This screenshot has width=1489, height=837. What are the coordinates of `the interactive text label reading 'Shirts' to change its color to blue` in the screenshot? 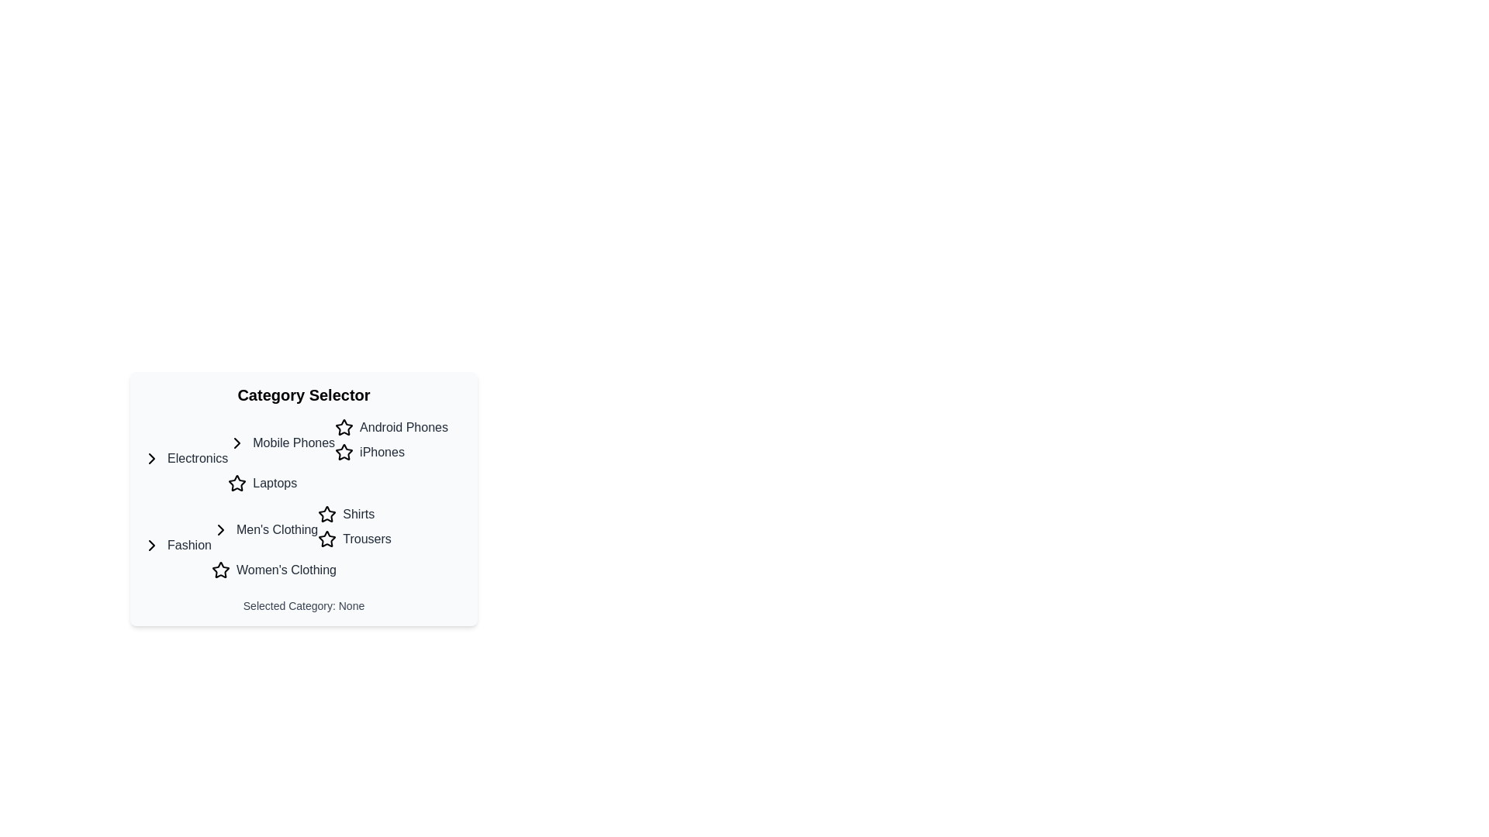 It's located at (358, 514).